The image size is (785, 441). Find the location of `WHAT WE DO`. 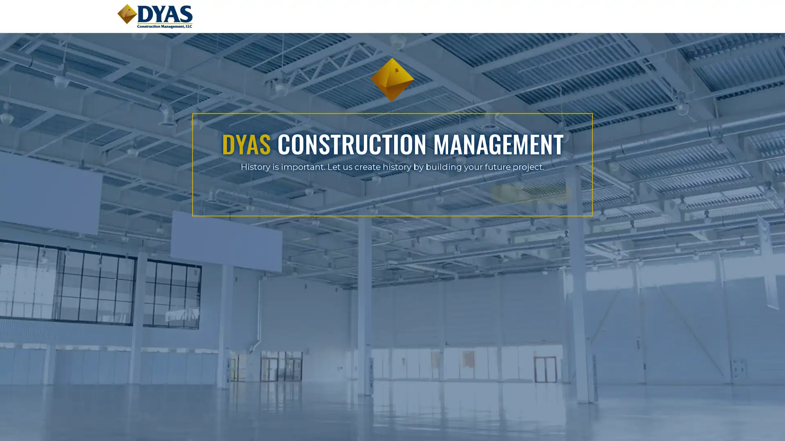

WHAT WE DO is located at coordinates (441, 194).